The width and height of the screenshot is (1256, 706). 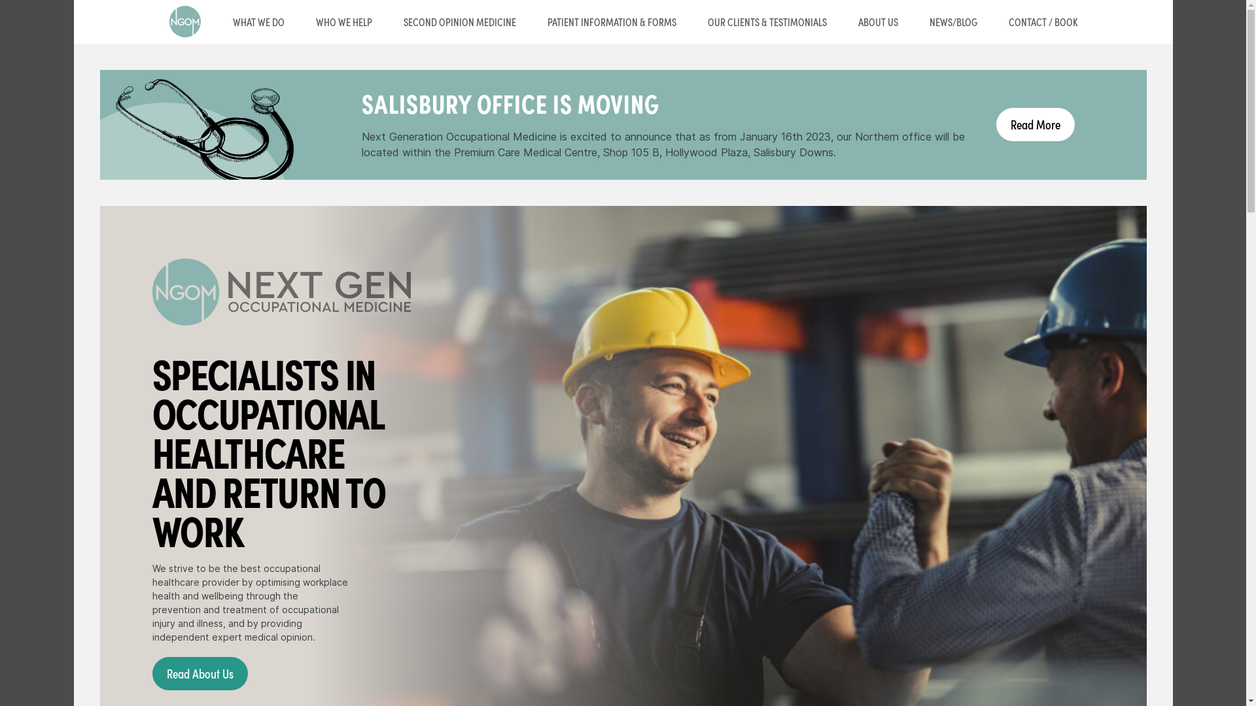 What do you see at coordinates (952, 22) in the screenshot?
I see `'NEWS/BLOG'` at bounding box center [952, 22].